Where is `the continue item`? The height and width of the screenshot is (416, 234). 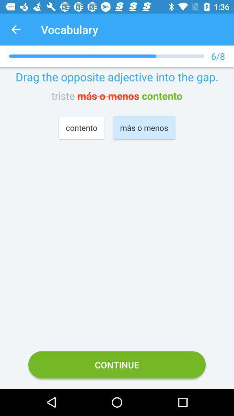 the continue item is located at coordinates (117, 364).